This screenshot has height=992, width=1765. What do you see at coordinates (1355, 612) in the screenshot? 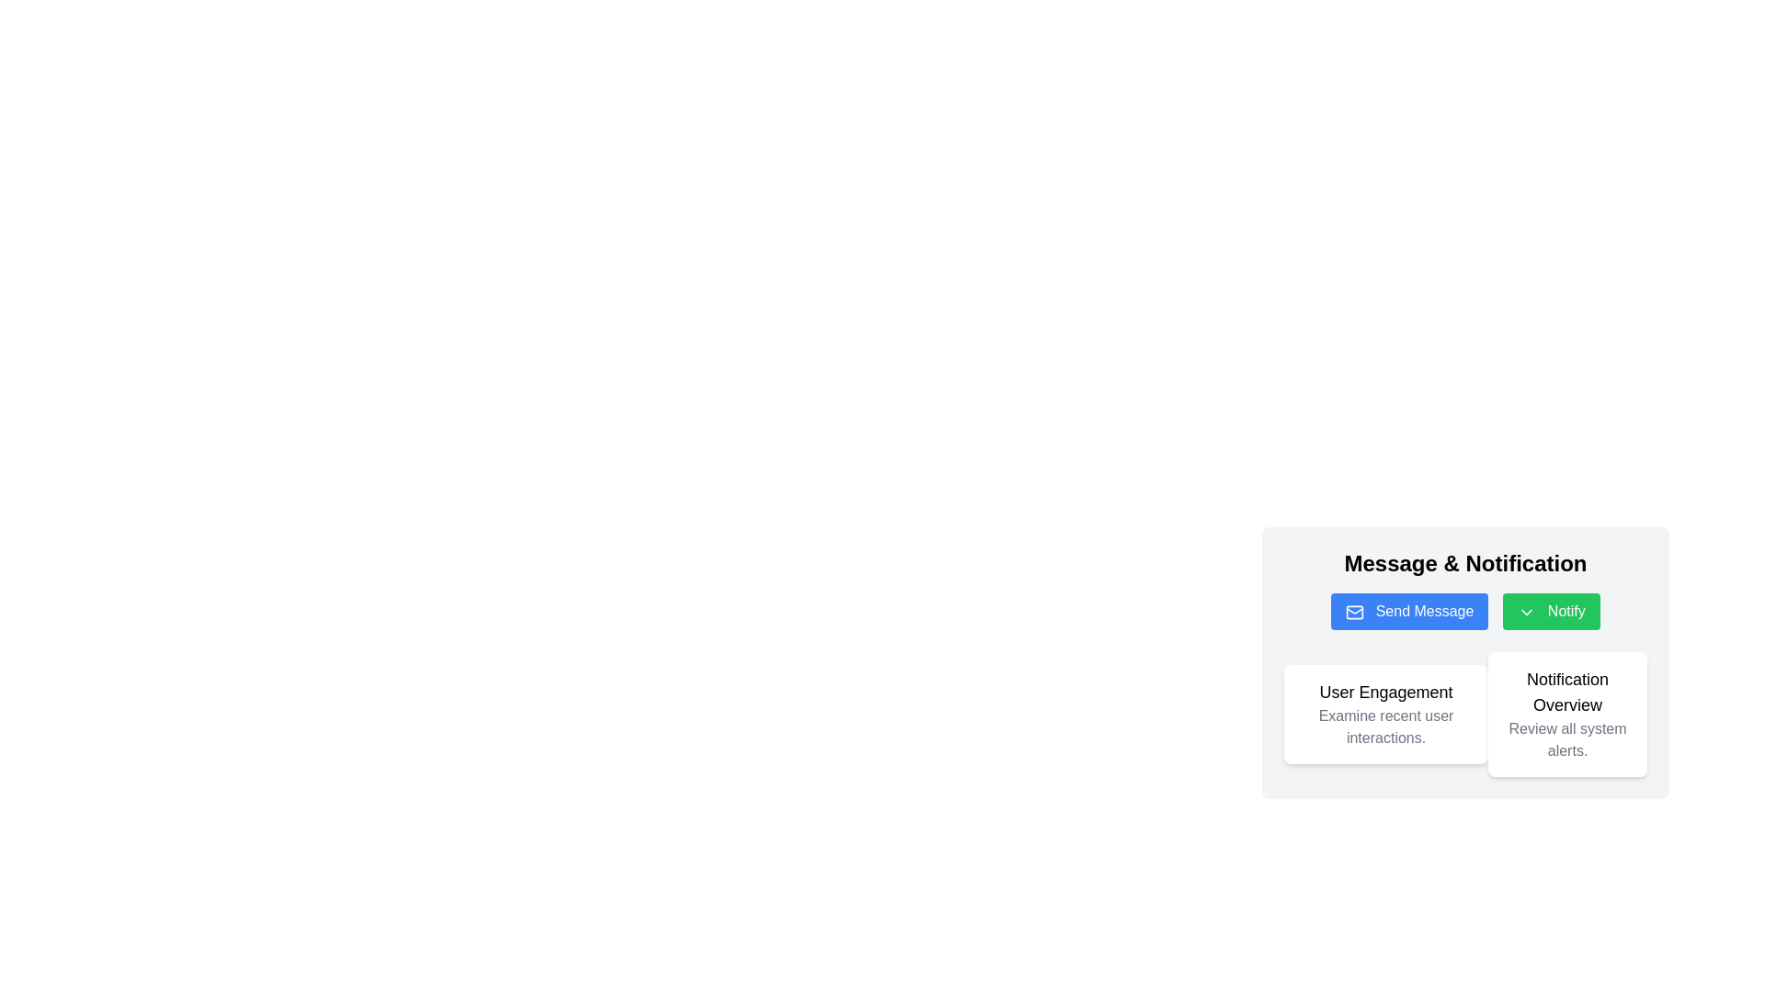
I see `the envelope-shaped SVG icon, which is styled with rounded corners and a thin line design, located to the left of the 'Send Message' button in the 'Message & Notification' panel` at bounding box center [1355, 612].